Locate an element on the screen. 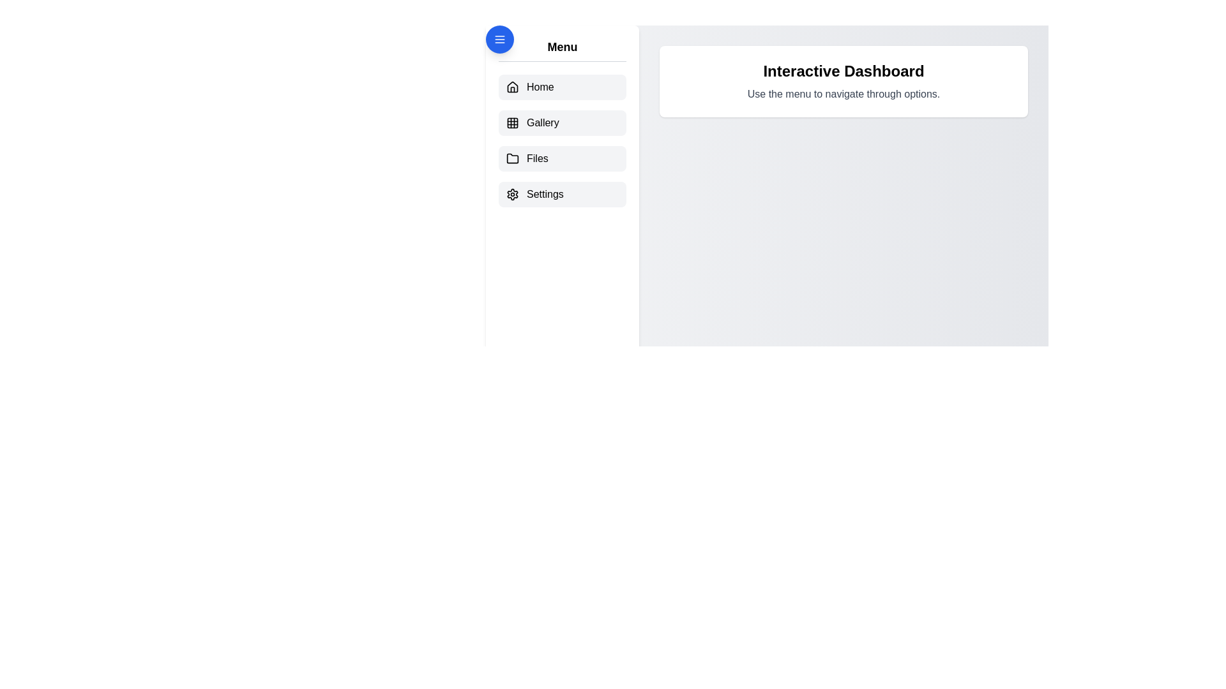 This screenshot has width=1226, height=689. button in the top-left corner to toggle the drawer open or closed is located at coordinates (499, 38).